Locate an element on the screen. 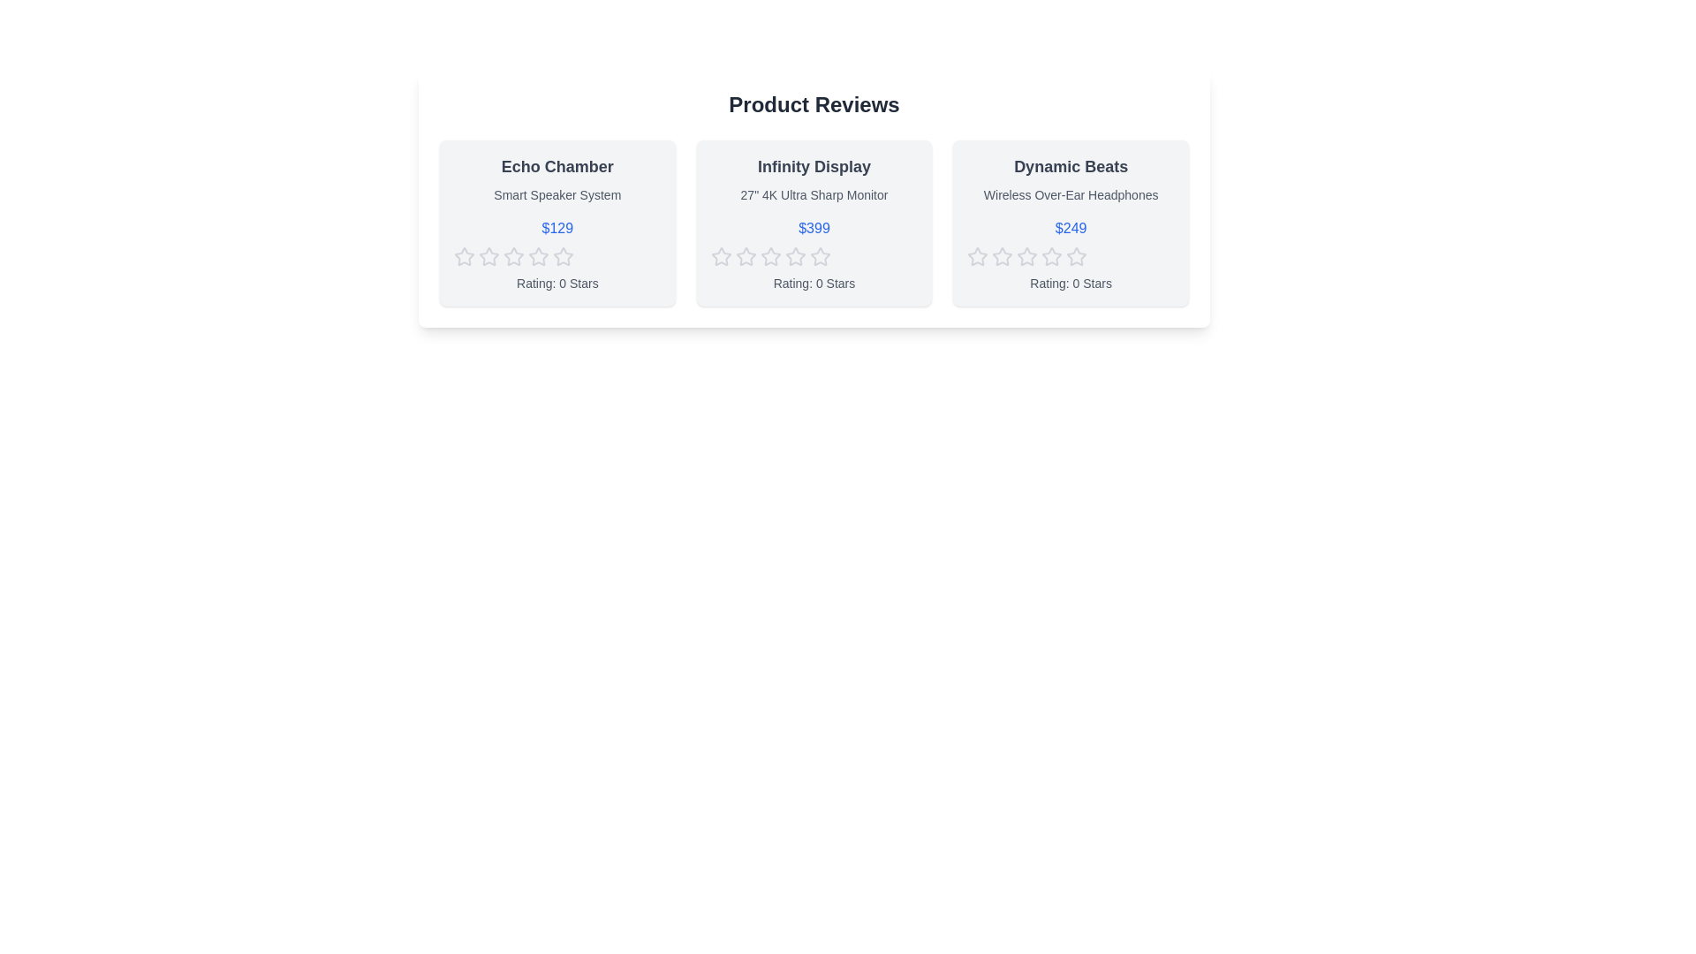 This screenshot has height=954, width=1696. the horizontal sequence of five star icons in the Rating component located under the '$249' price text and above the 'Rating: 0 Stars' text for the Dynamic Beats Wireless Over-Ear Headphones is located at coordinates (1070, 256).